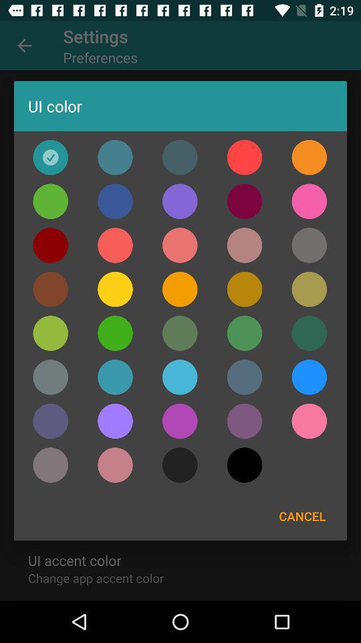 This screenshot has height=643, width=361. I want to click on change ui color, so click(180, 244).